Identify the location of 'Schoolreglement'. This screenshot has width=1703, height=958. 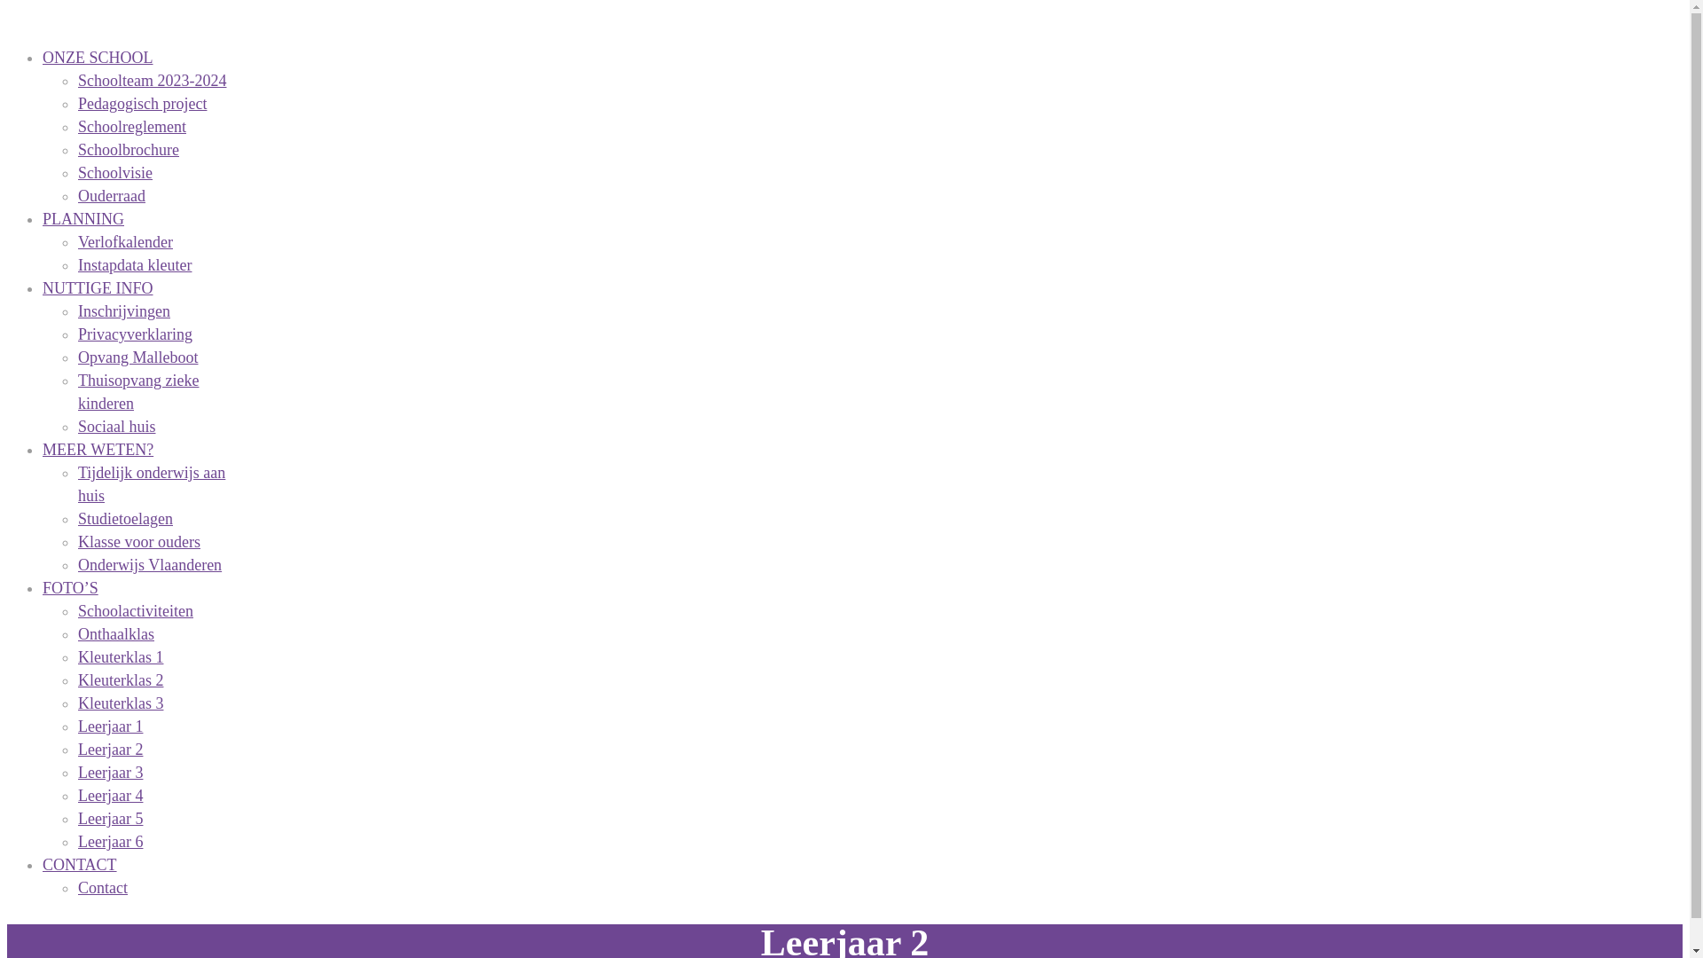
(76, 125).